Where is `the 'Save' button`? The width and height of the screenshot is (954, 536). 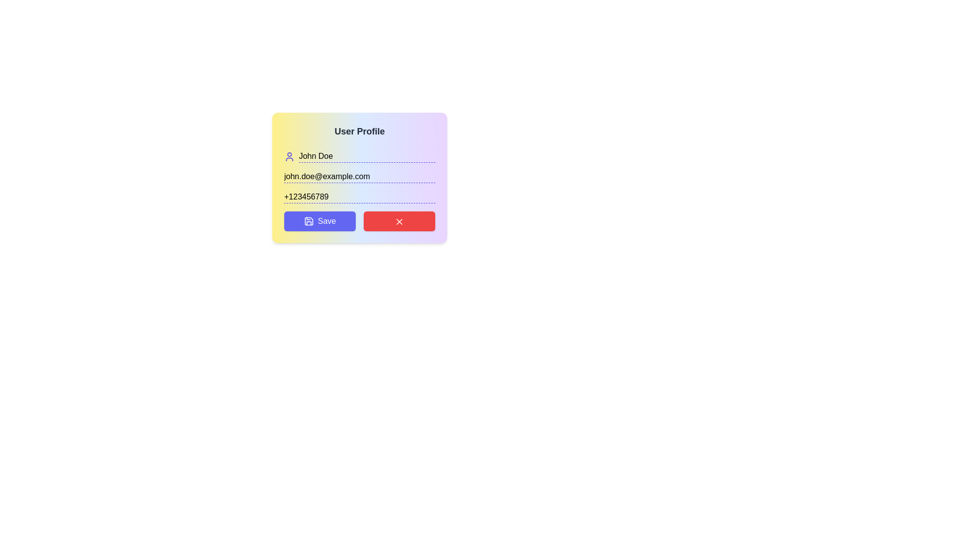
the 'Save' button is located at coordinates (319, 221).